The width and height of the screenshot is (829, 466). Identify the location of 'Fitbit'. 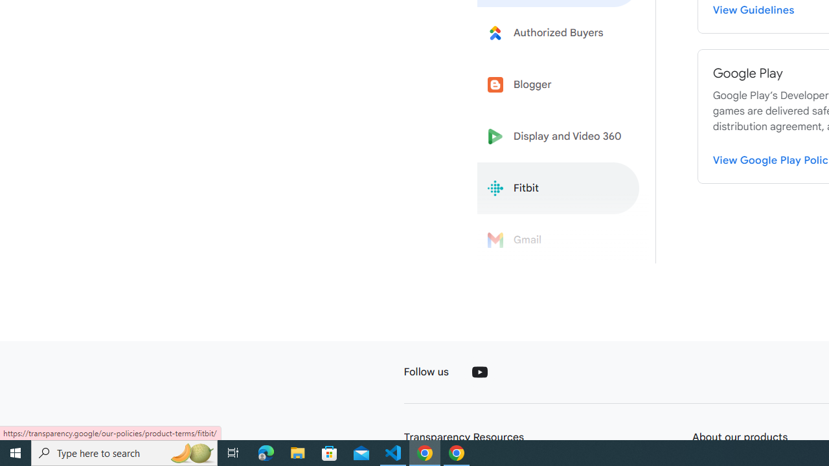
(558, 188).